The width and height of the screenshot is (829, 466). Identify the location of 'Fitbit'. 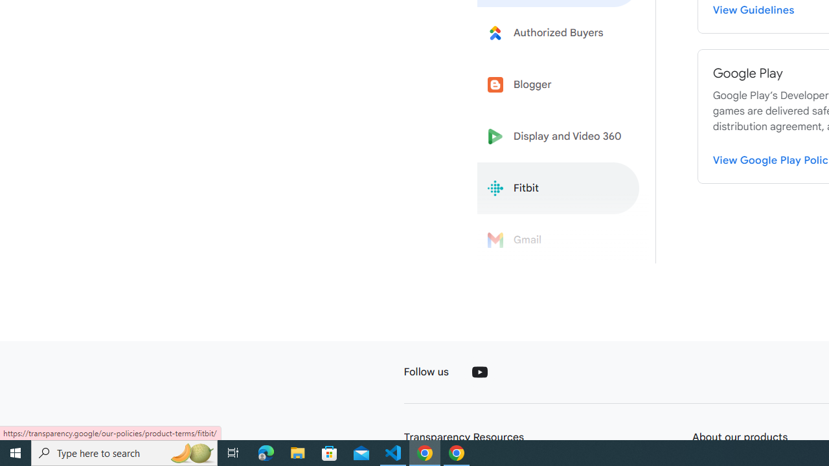
(558, 188).